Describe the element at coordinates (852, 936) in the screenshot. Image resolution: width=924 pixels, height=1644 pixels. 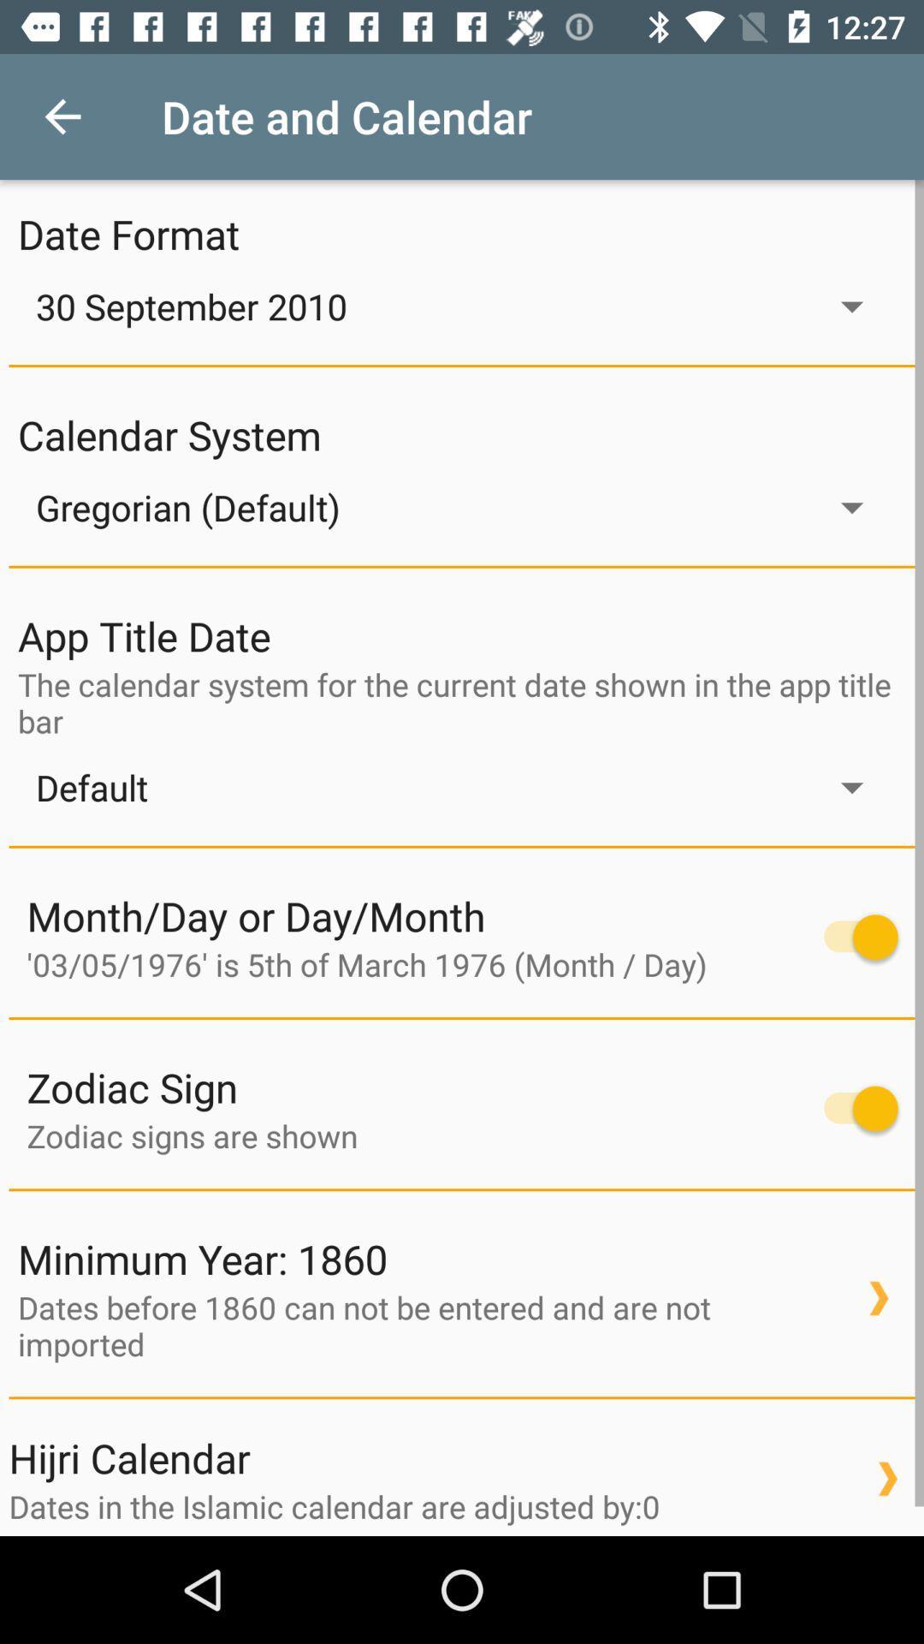
I see `day/month format` at that location.